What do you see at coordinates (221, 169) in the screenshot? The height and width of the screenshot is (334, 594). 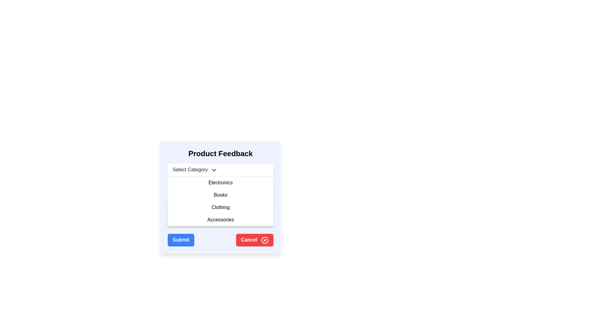 I see `the Dropdown menu labeled 'Select Category'` at bounding box center [221, 169].